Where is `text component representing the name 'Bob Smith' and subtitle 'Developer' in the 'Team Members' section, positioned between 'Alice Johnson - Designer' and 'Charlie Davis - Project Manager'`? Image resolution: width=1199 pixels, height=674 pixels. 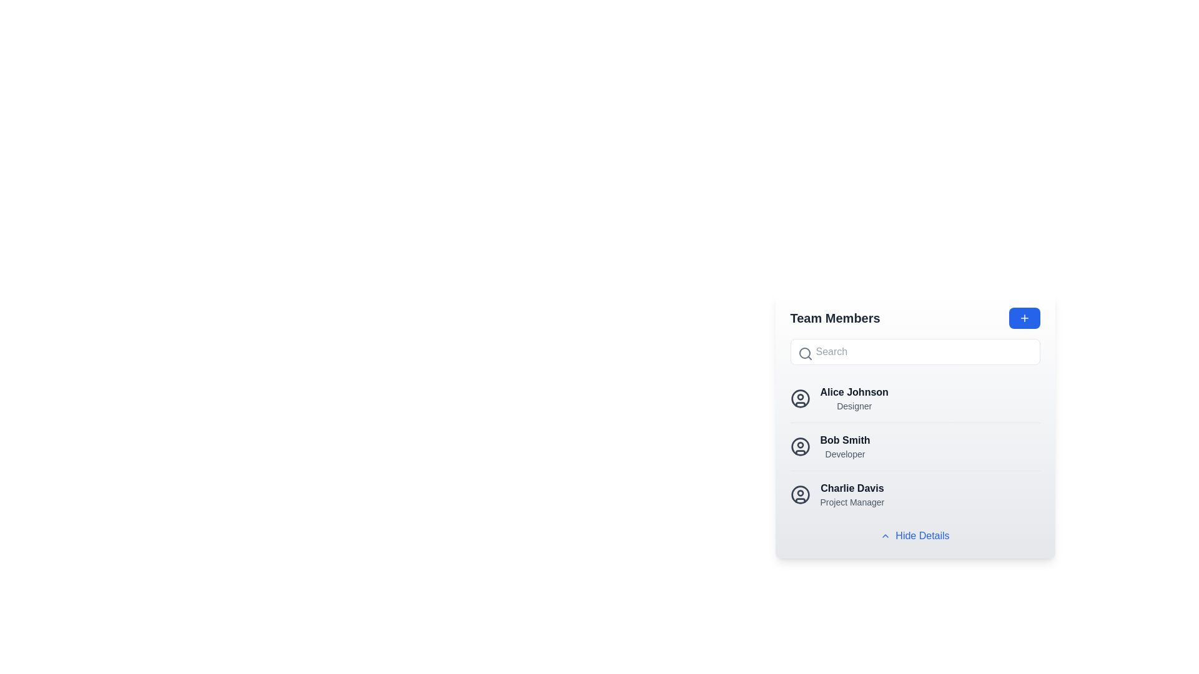 text component representing the name 'Bob Smith' and subtitle 'Developer' in the 'Team Members' section, positioned between 'Alice Johnson - Designer' and 'Charlie Davis - Project Manager' is located at coordinates (845, 446).